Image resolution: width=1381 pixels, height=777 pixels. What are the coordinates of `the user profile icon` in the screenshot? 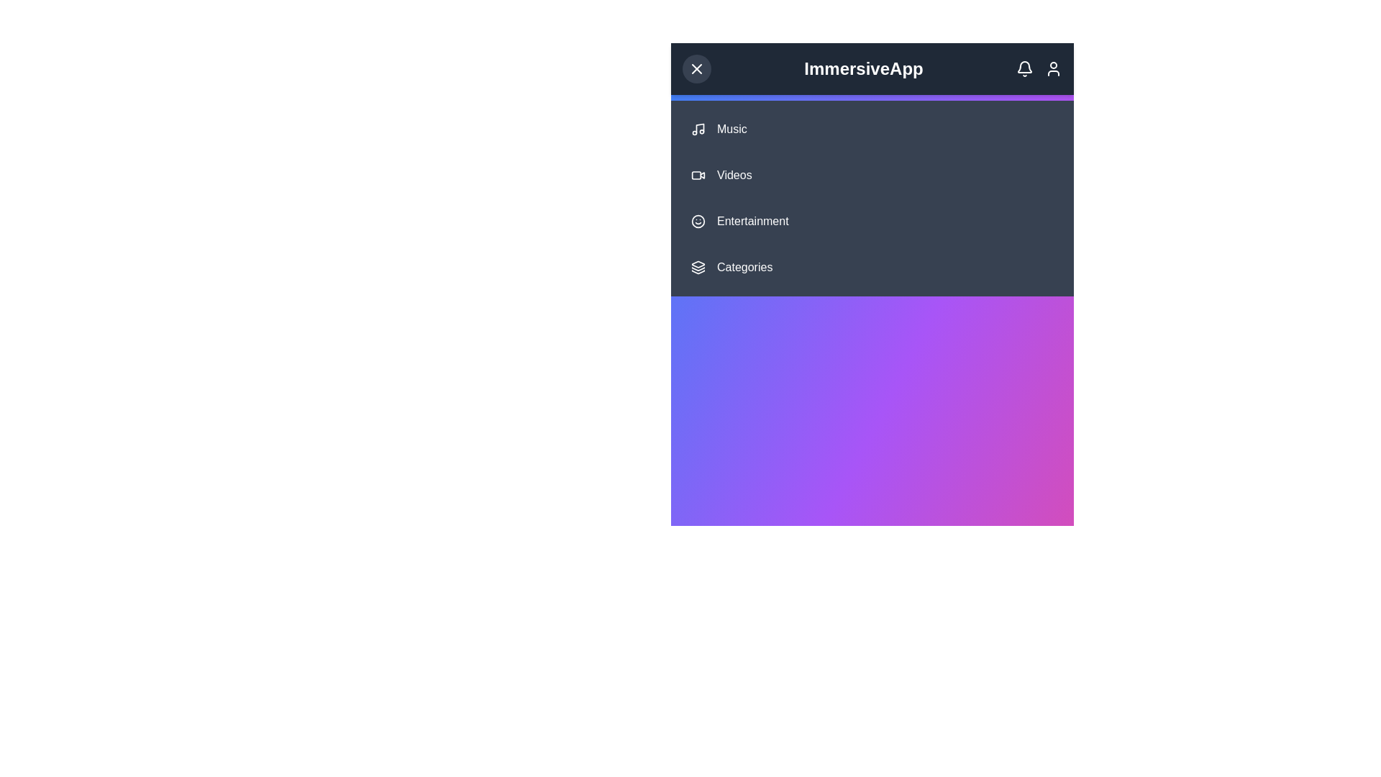 It's located at (1053, 69).